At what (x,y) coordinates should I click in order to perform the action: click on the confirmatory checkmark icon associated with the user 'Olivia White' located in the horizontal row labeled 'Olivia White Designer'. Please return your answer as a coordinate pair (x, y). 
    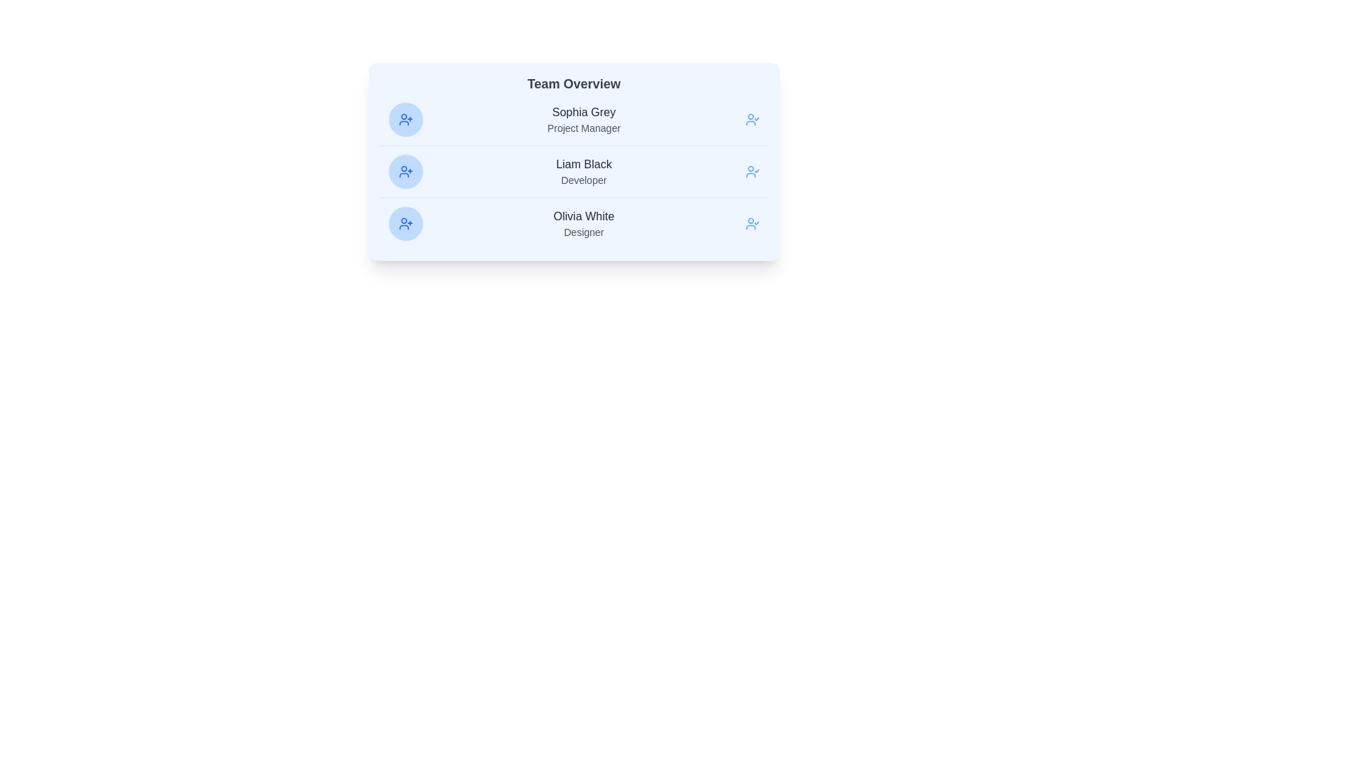
    Looking at the image, I should click on (751, 223).